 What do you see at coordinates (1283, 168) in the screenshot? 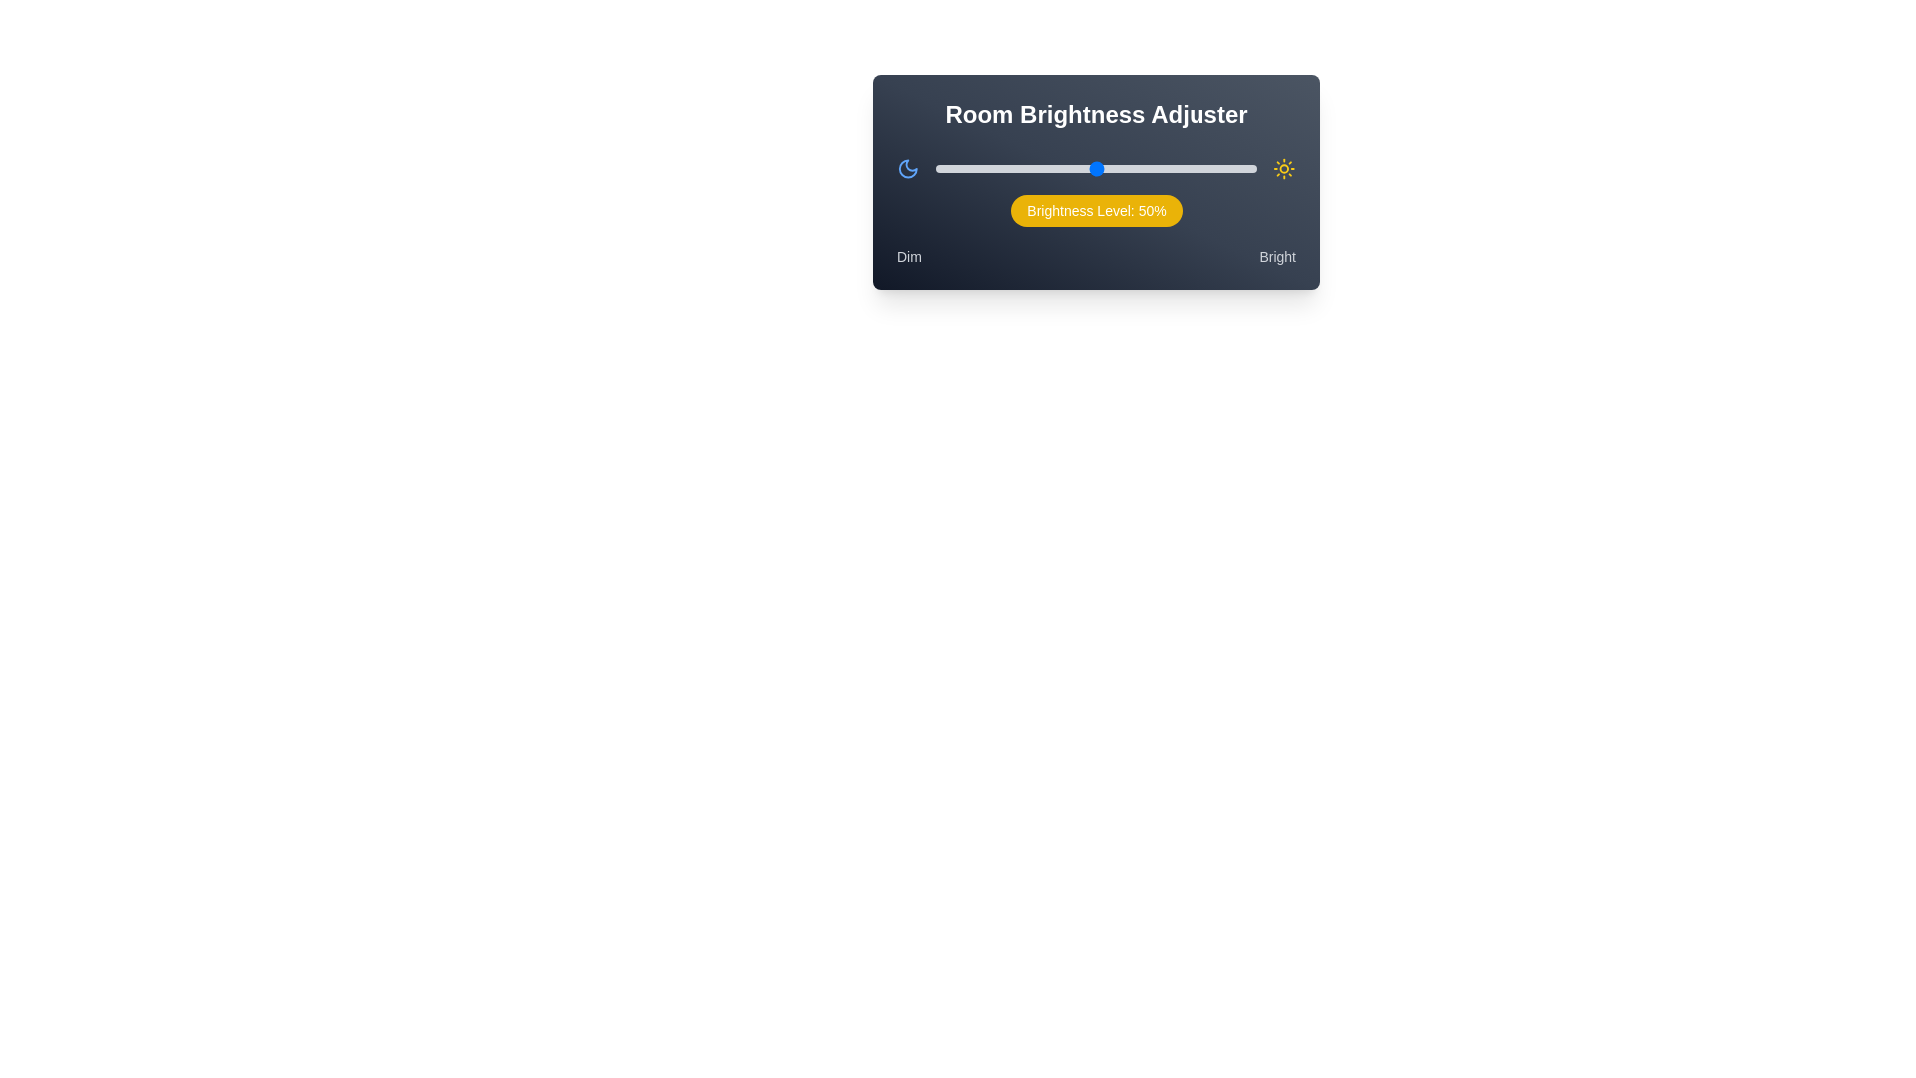
I see `the sun icon` at bounding box center [1283, 168].